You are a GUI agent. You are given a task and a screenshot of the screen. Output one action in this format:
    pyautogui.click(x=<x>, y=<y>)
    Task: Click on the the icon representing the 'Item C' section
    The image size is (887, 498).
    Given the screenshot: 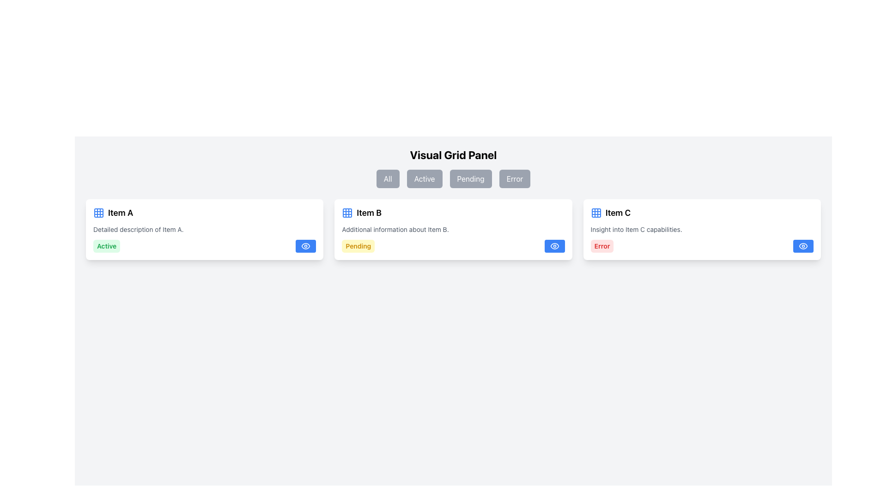 What is the action you would take?
    pyautogui.click(x=596, y=213)
    